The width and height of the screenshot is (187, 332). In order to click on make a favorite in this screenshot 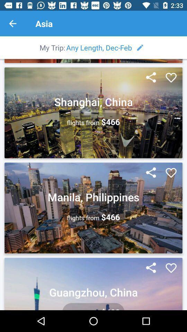, I will do `click(171, 78)`.